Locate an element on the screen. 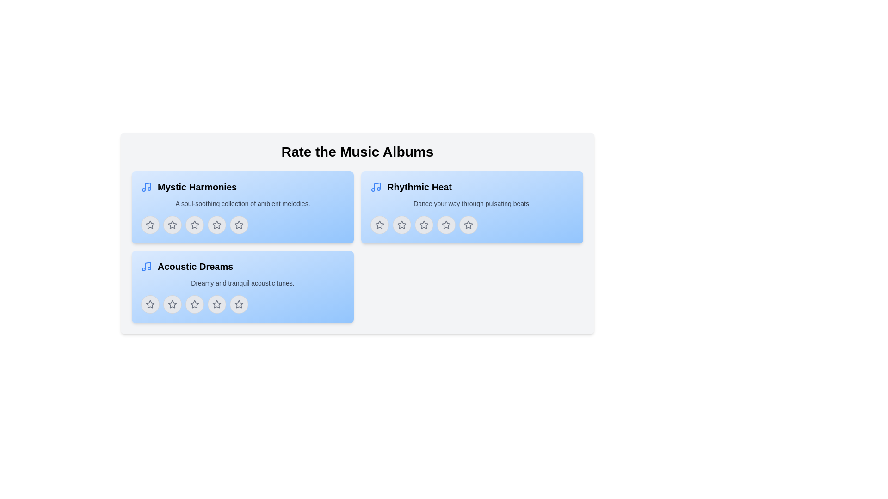 This screenshot has height=499, width=888. the circular button with a star icon, which is the first rating button under the 'Rhythmic Heat' music album card in the second column of the album grid is located at coordinates (379, 225).